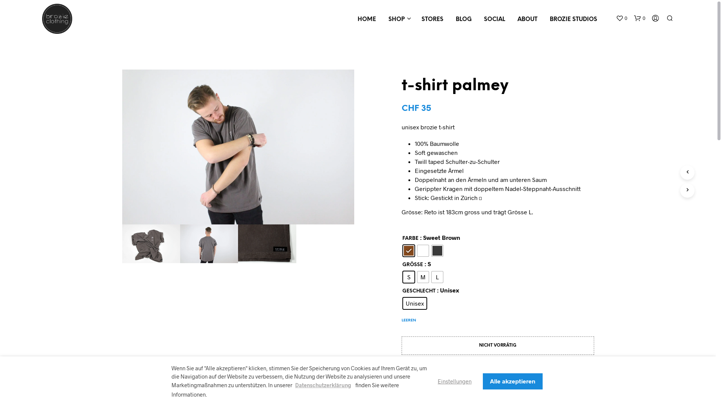 The image size is (722, 406). I want to click on '0', so click(621, 18).